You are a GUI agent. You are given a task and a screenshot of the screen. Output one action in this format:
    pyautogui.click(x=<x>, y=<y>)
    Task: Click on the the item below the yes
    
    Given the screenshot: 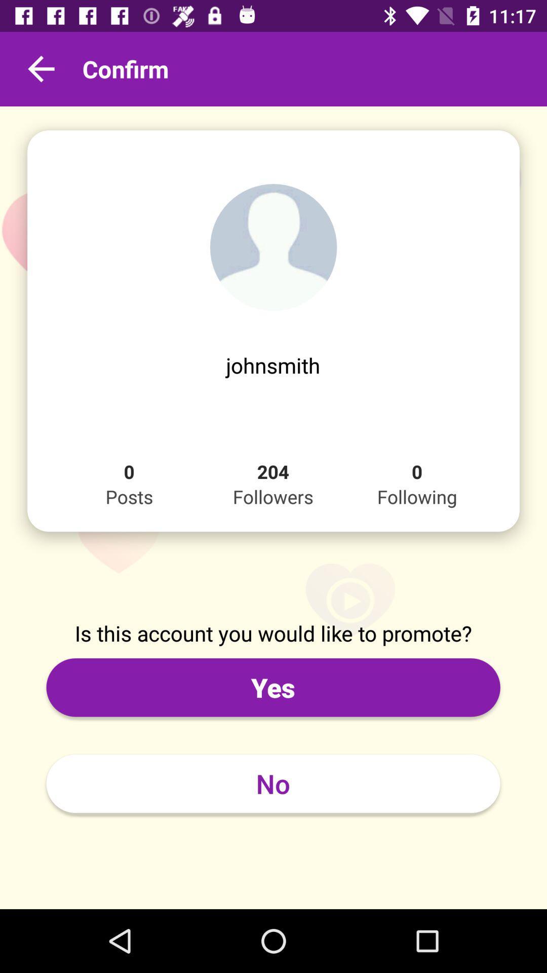 What is the action you would take?
    pyautogui.click(x=272, y=783)
    